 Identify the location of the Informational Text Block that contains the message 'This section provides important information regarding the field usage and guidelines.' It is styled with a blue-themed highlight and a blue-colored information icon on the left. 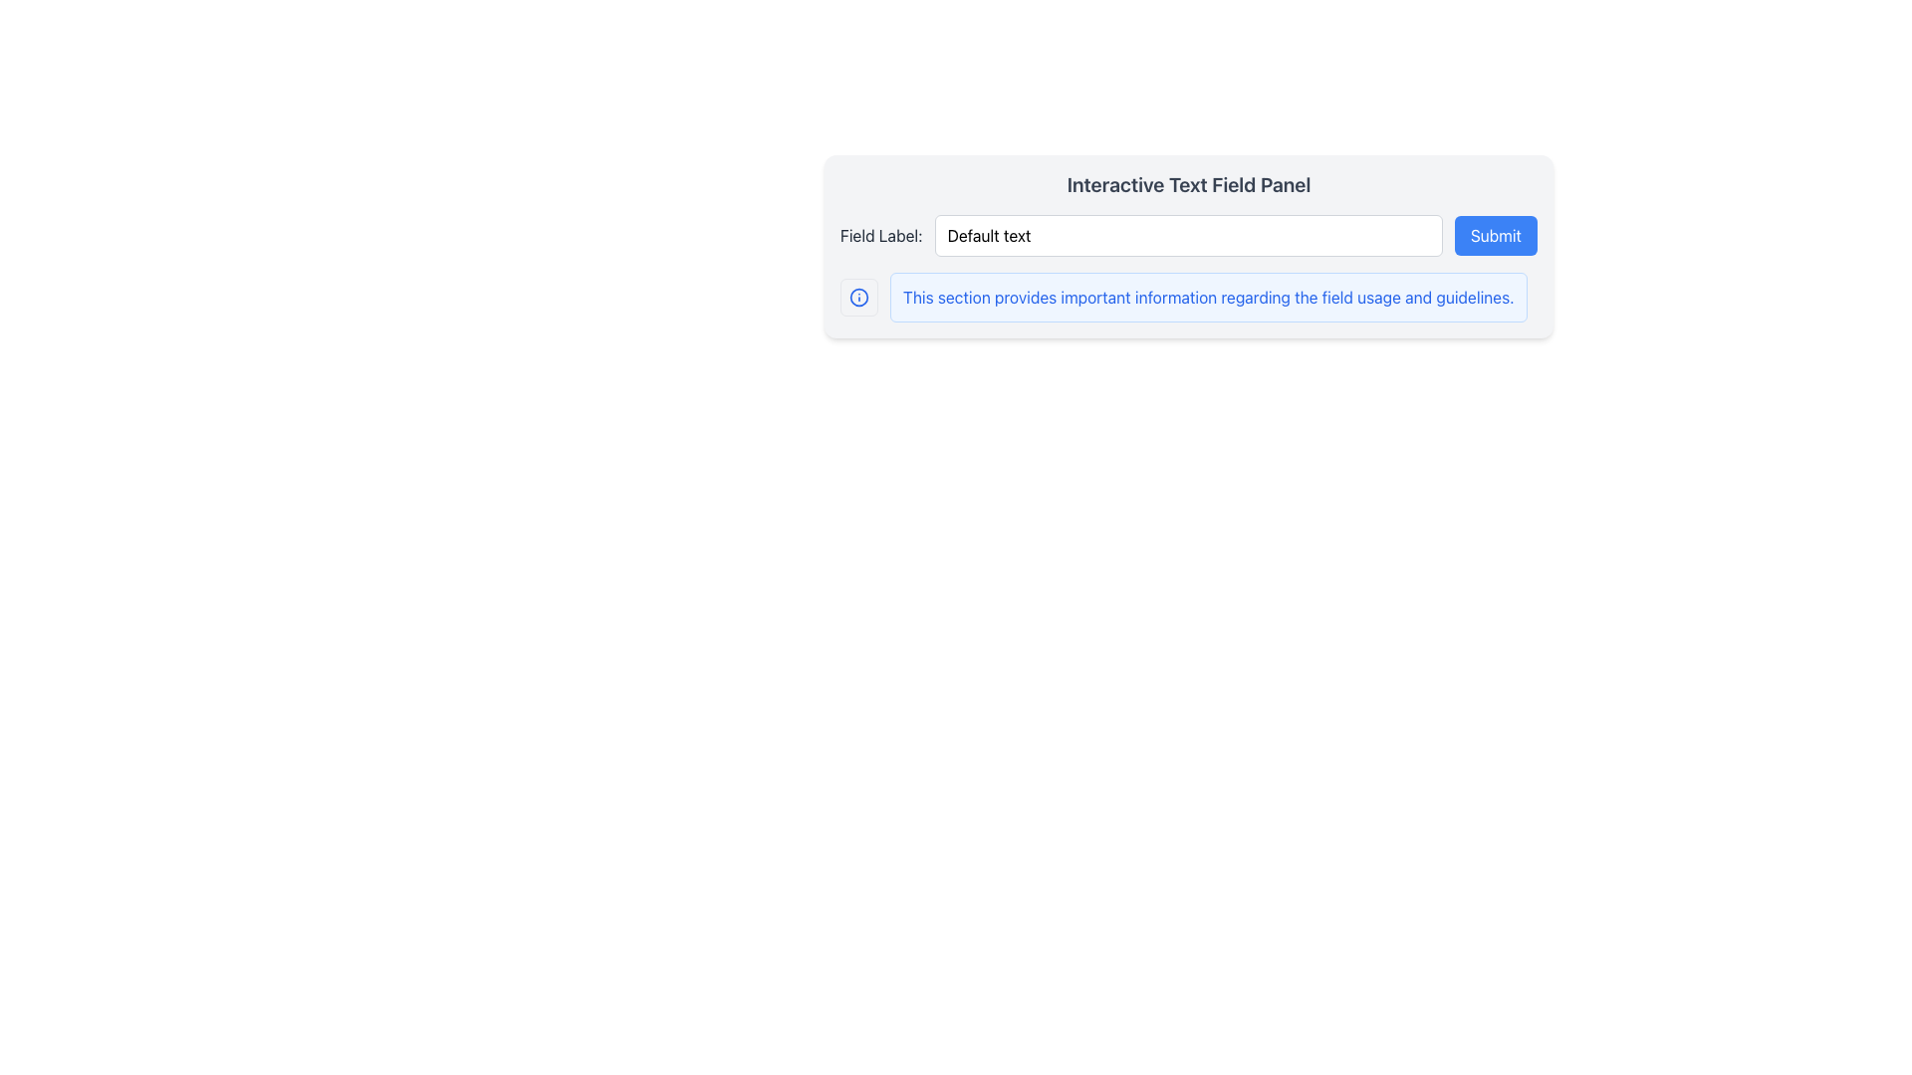
(1189, 298).